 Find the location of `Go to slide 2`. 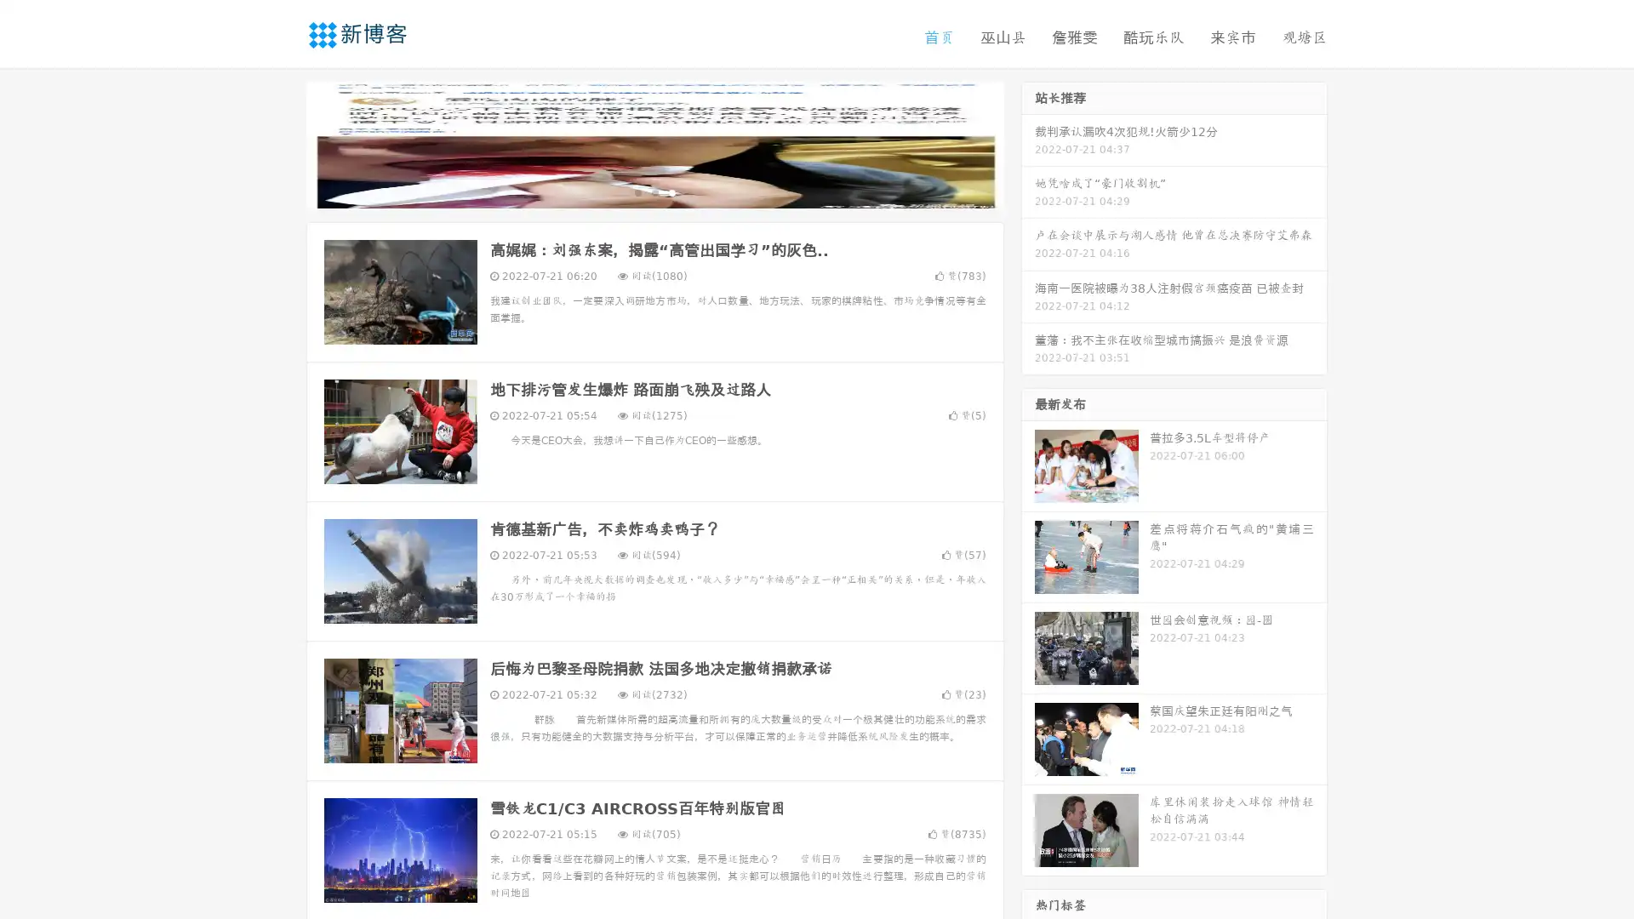

Go to slide 2 is located at coordinates (654, 191).